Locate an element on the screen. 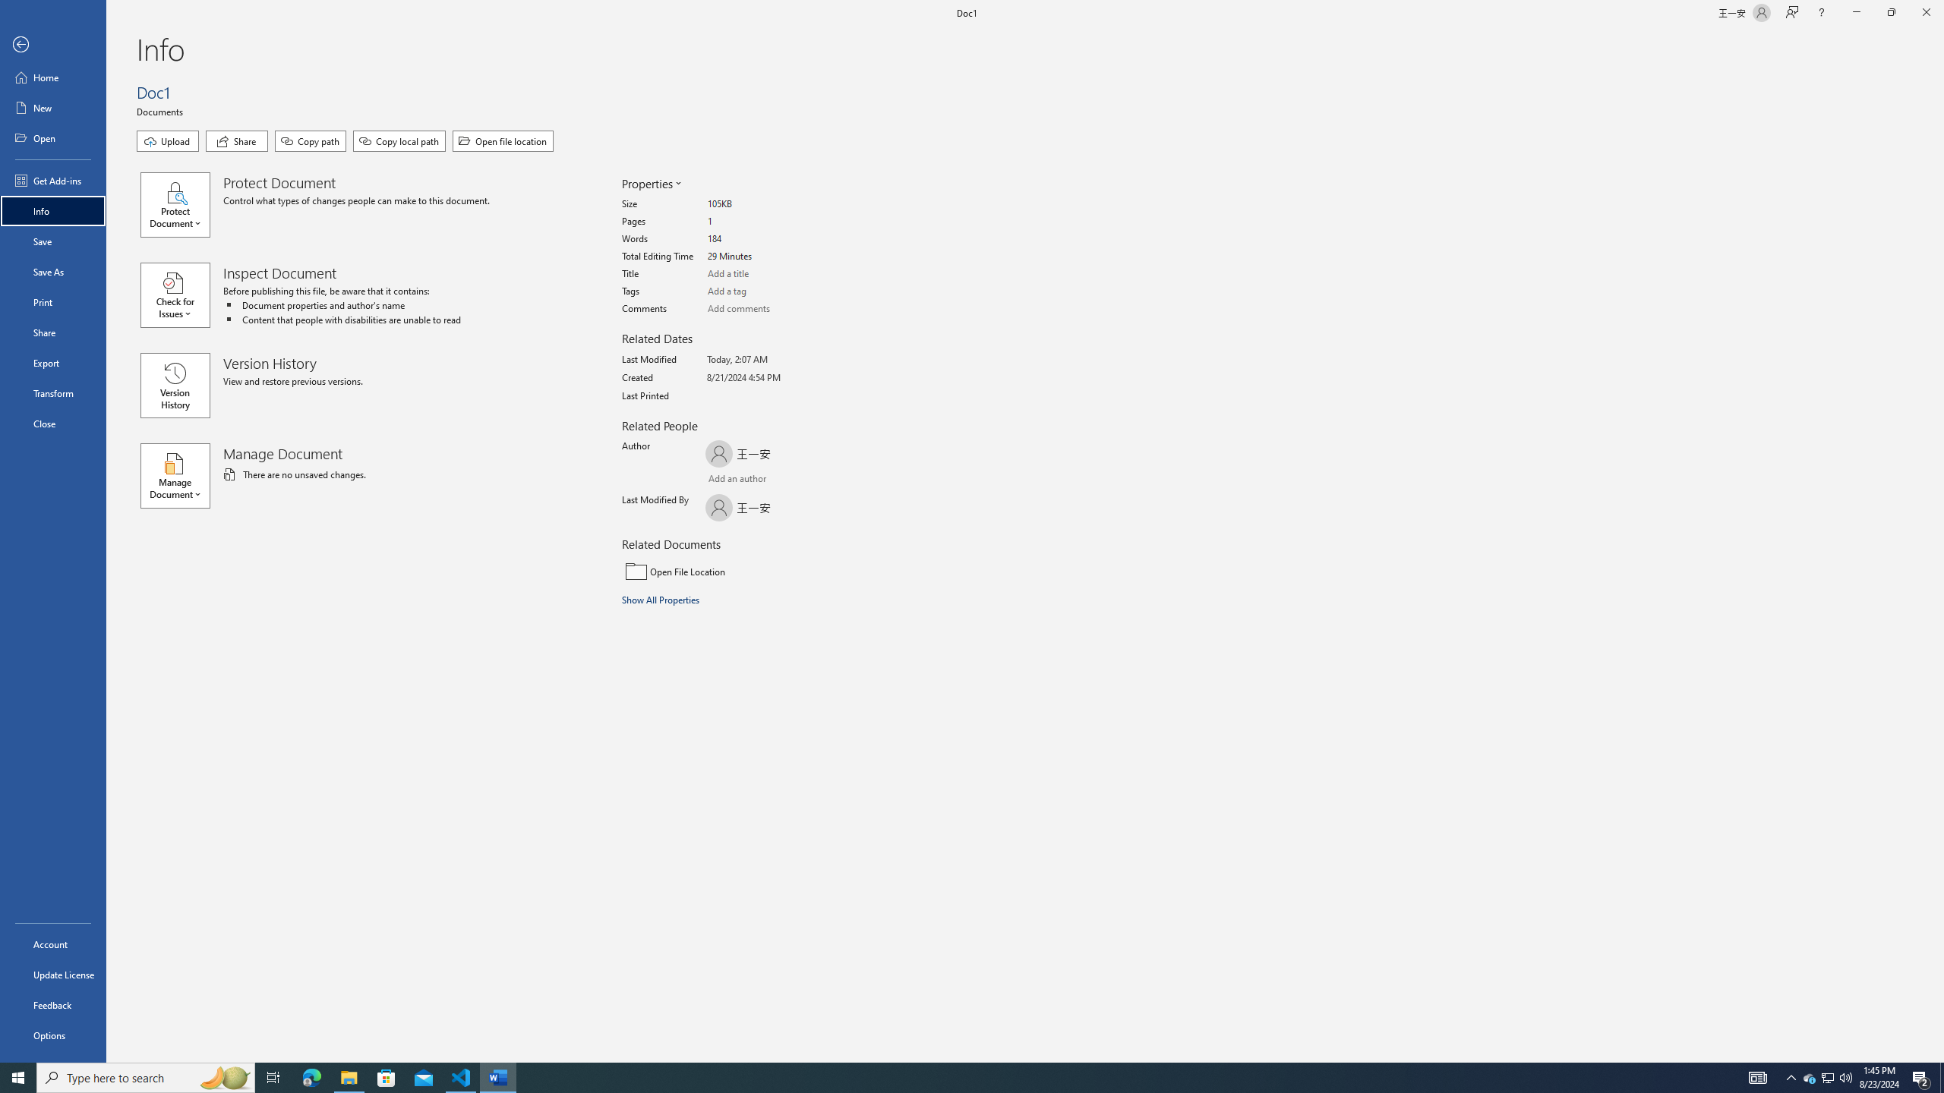  'Upload' is located at coordinates (167, 140).